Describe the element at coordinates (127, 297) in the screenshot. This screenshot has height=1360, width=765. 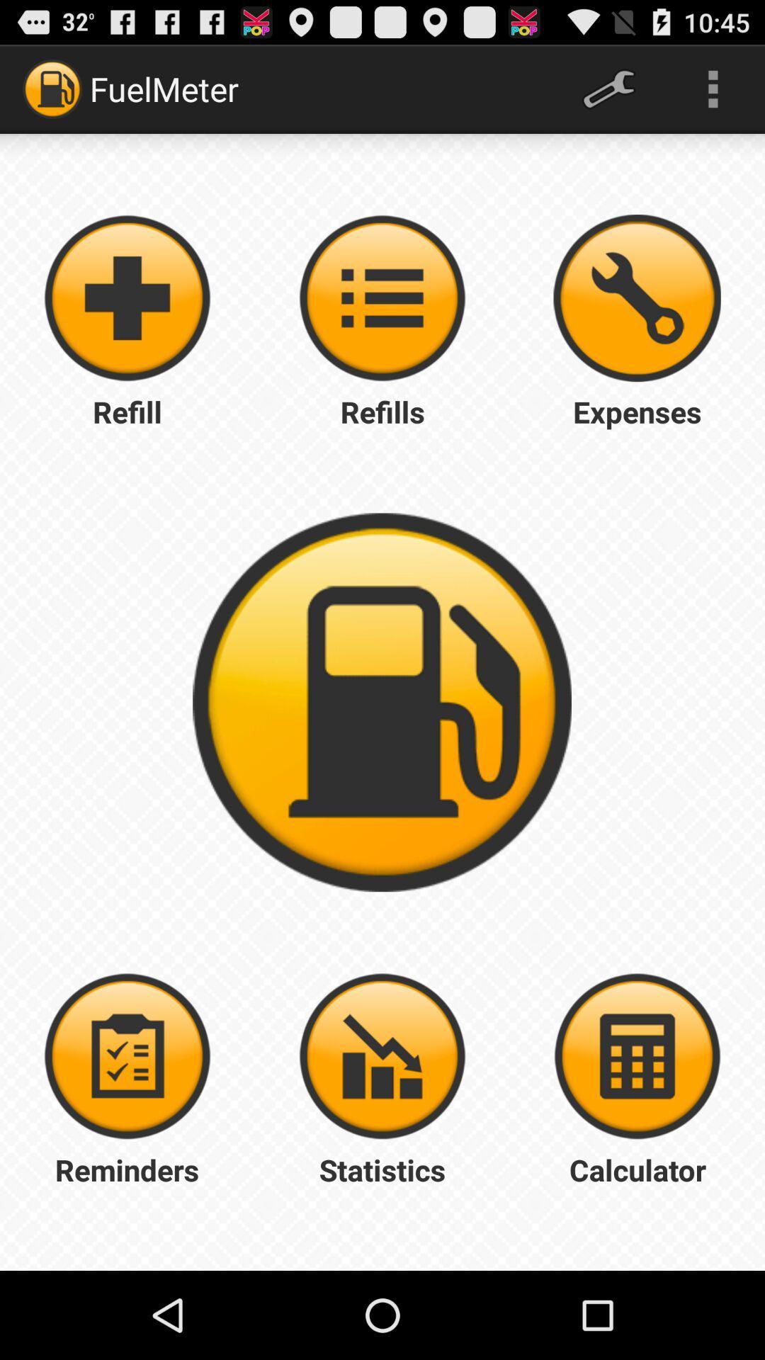
I see `fuel` at that location.